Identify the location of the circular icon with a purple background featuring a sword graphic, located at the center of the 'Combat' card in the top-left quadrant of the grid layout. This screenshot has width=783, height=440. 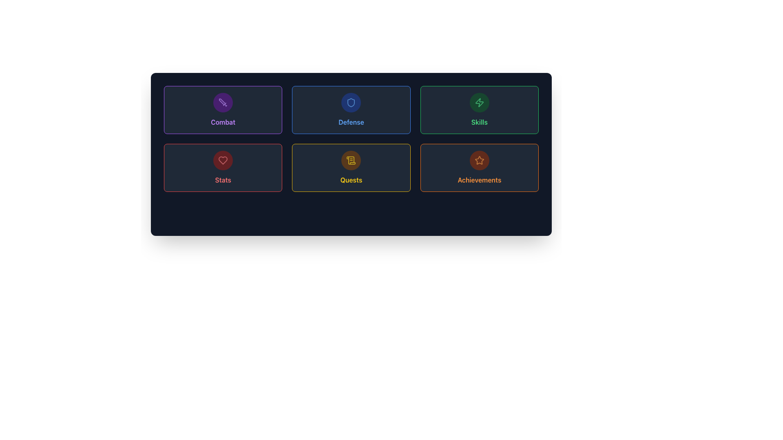
(223, 102).